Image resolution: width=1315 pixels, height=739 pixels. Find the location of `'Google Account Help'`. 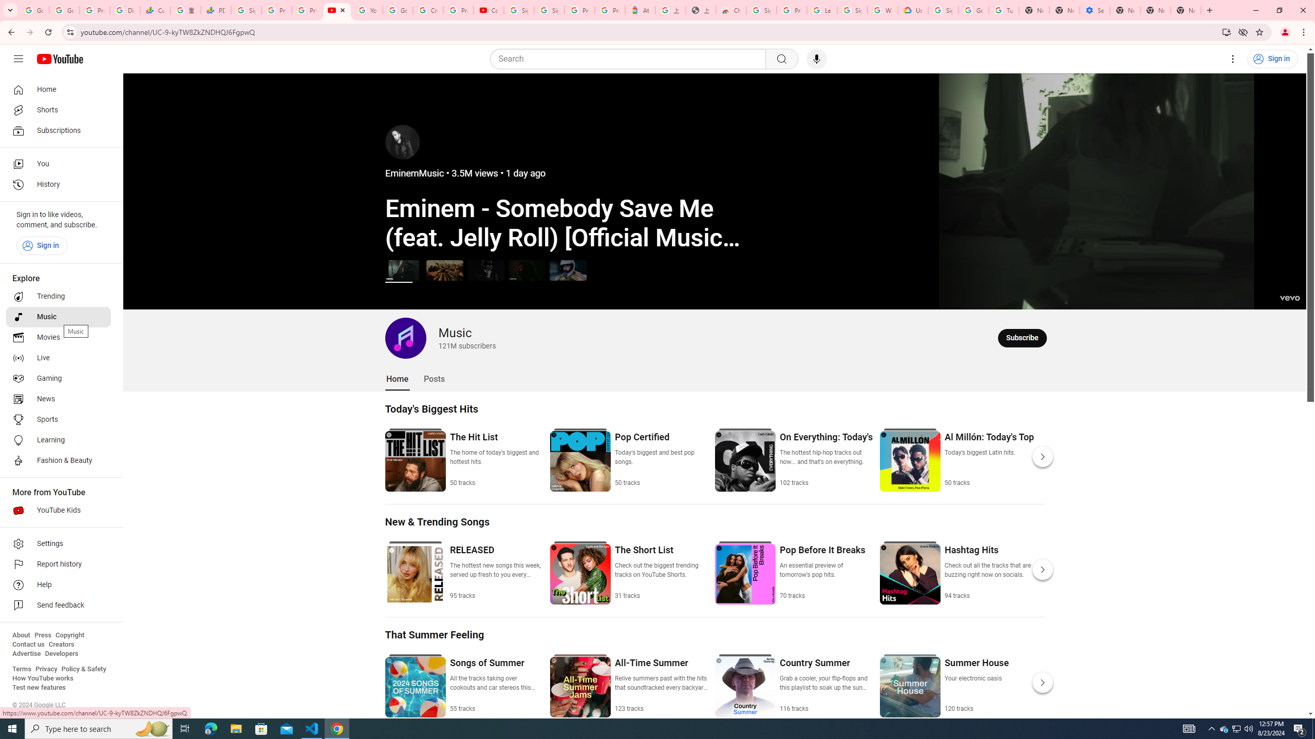

'Google Account Help' is located at coordinates (972, 10).